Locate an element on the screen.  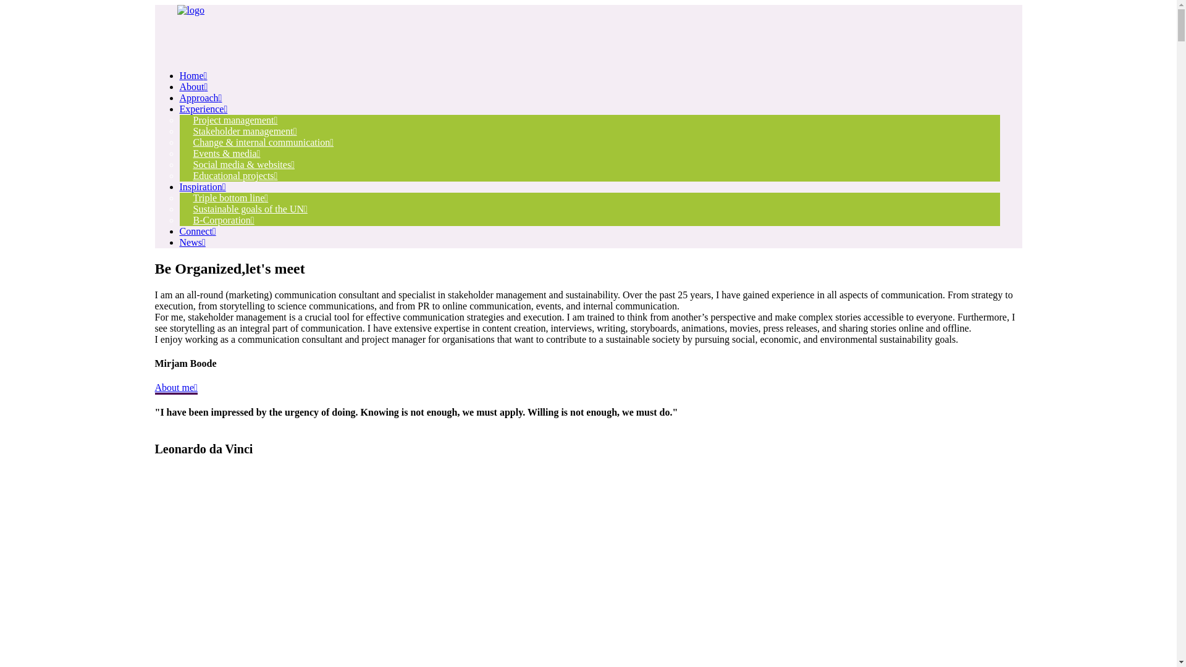
'B-Corporation' is located at coordinates (178, 219).